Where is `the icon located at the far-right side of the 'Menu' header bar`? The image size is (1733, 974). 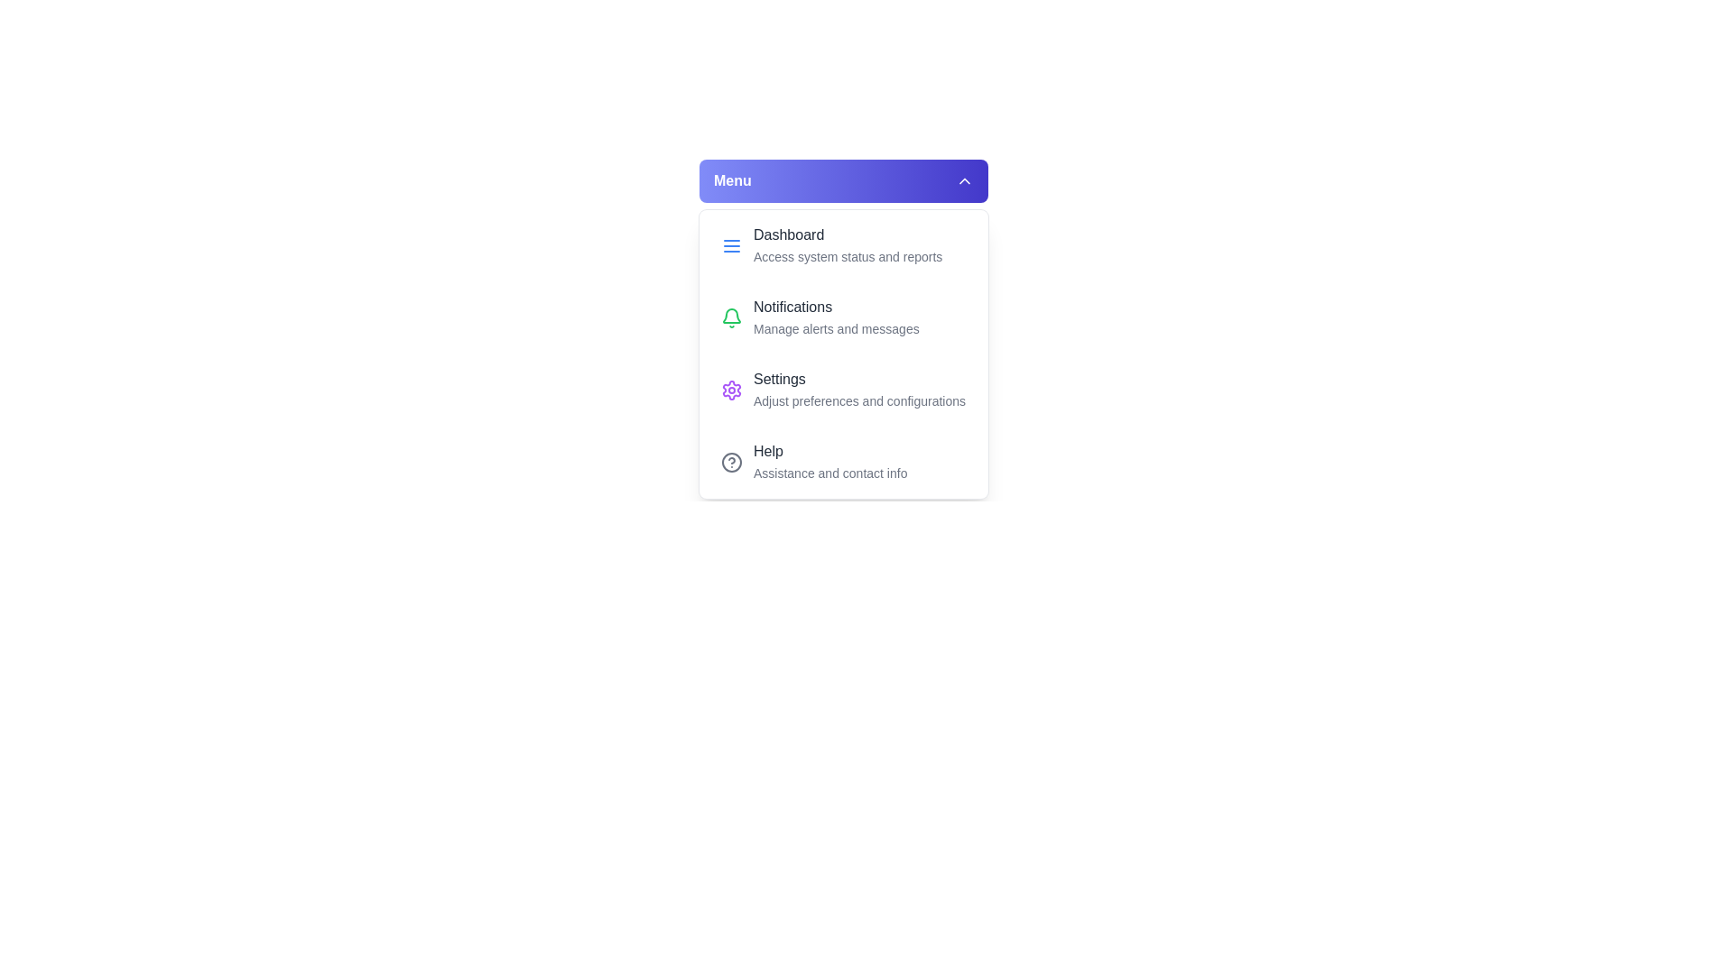
the icon located at the far-right side of the 'Menu' header bar is located at coordinates (964, 180).